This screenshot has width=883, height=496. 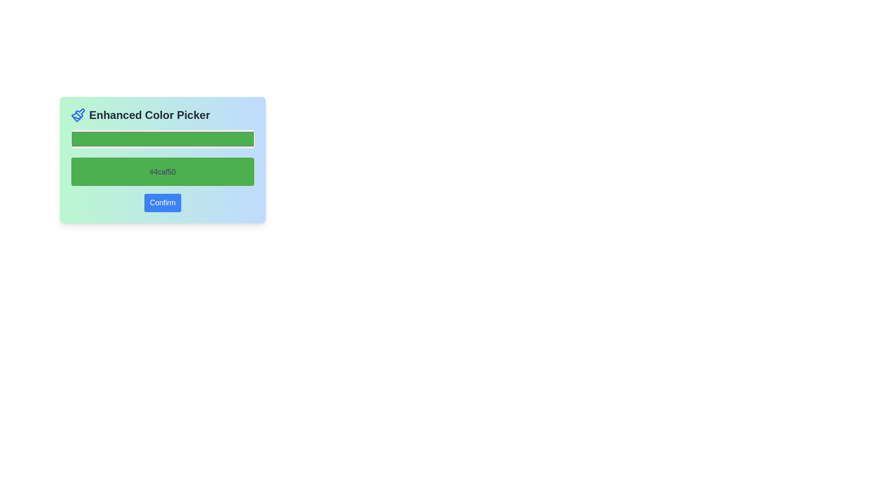 What do you see at coordinates (149, 114) in the screenshot?
I see `the text display labeled 'Enhanced Color Picker', which is prominently styled in large, bold dark gray font at the top of the interface` at bounding box center [149, 114].